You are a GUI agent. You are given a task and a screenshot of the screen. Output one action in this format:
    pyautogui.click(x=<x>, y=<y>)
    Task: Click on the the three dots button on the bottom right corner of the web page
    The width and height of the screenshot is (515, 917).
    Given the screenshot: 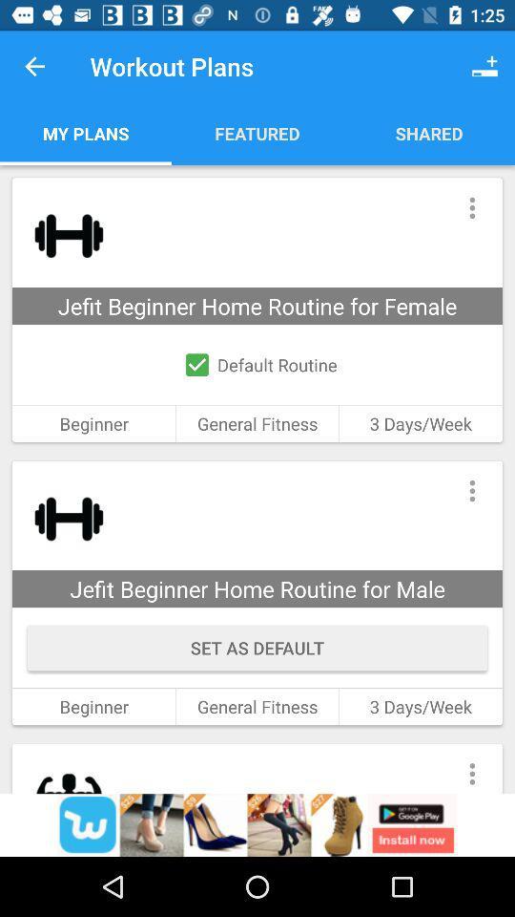 What is the action you would take?
    pyautogui.click(x=471, y=768)
    